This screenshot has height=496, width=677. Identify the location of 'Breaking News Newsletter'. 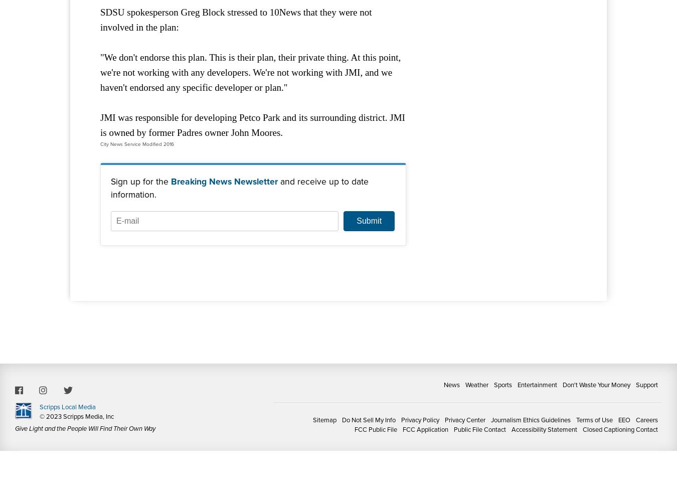
(224, 180).